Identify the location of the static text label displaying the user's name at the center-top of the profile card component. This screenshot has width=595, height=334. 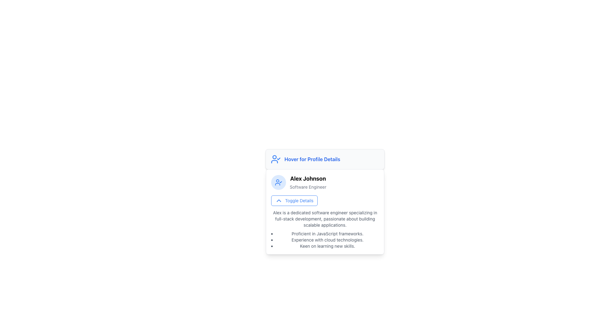
(308, 179).